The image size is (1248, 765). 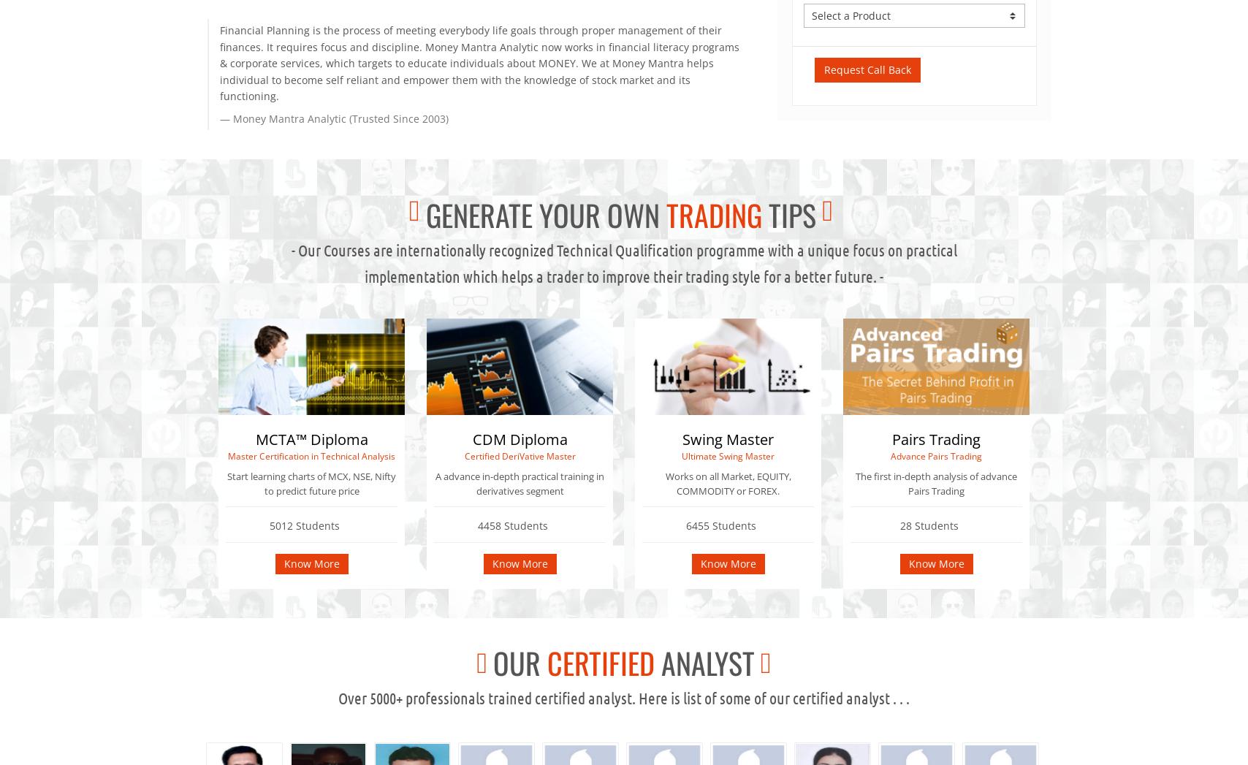 I want to click on 'Ultimate Swing Master', so click(x=728, y=456).